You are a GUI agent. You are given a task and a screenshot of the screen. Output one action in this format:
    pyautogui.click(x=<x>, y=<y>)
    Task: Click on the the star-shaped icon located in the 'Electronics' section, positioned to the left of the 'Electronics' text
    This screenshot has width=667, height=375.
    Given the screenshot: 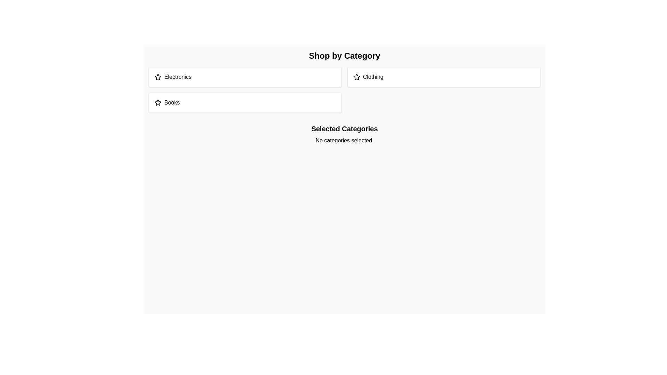 What is the action you would take?
    pyautogui.click(x=158, y=77)
    